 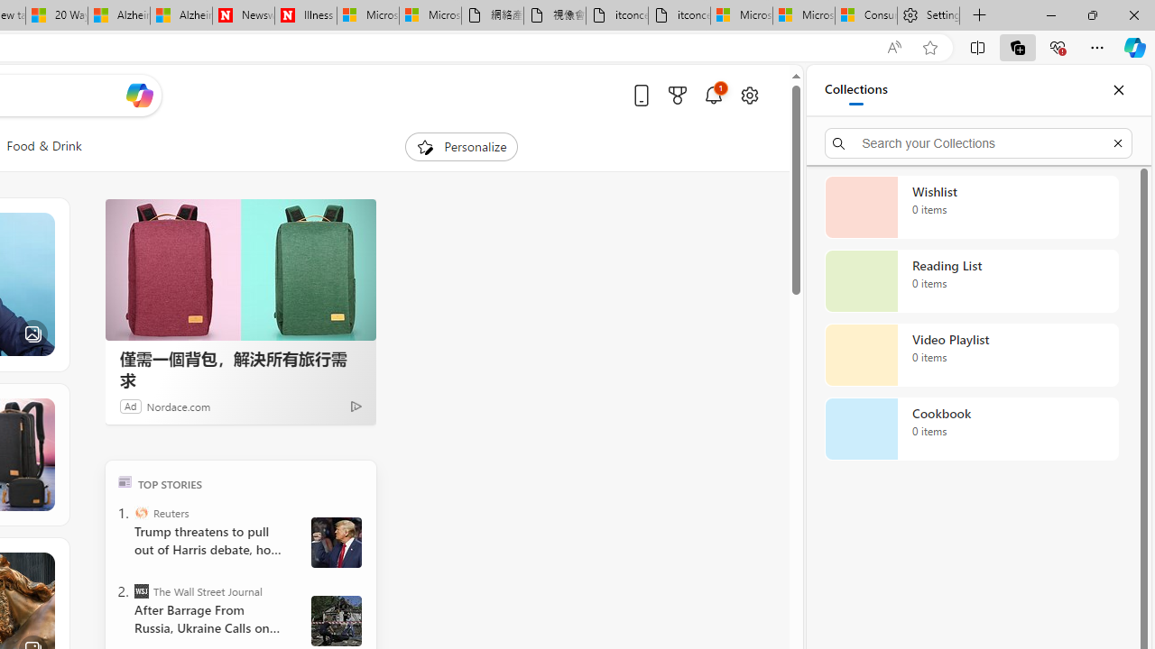 I want to click on 'itconcepthk.com/projector_solutions.mp4', so click(x=679, y=15).